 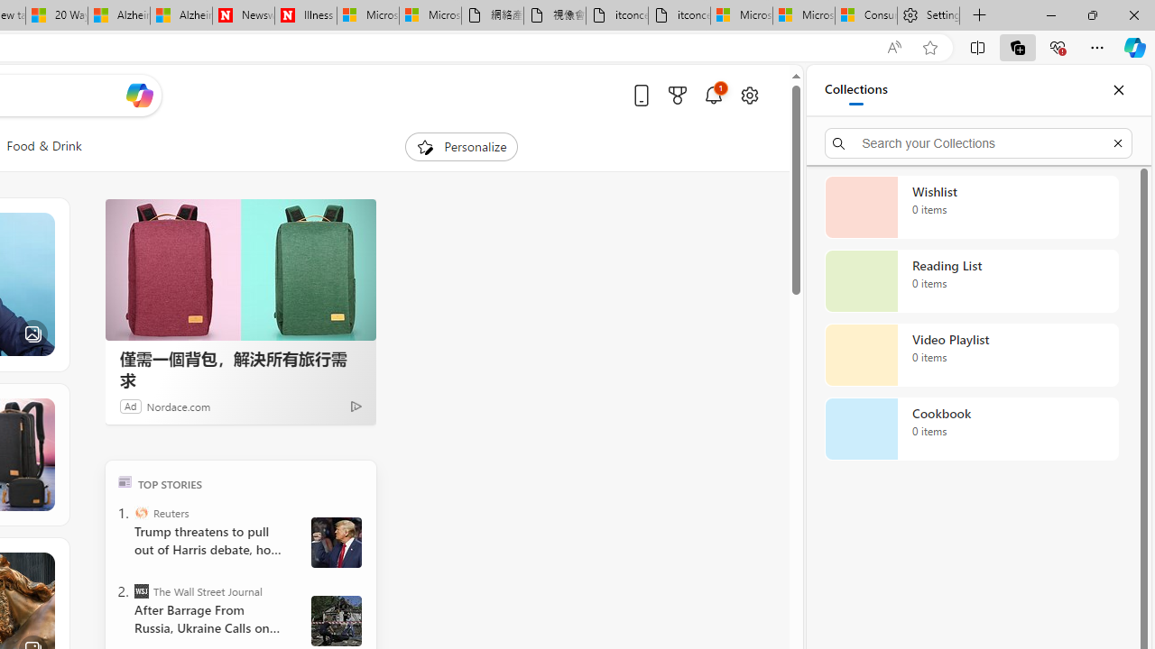 I want to click on 'itconcepthk.com/projector_solutions.mp4', so click(x=679, y=15).